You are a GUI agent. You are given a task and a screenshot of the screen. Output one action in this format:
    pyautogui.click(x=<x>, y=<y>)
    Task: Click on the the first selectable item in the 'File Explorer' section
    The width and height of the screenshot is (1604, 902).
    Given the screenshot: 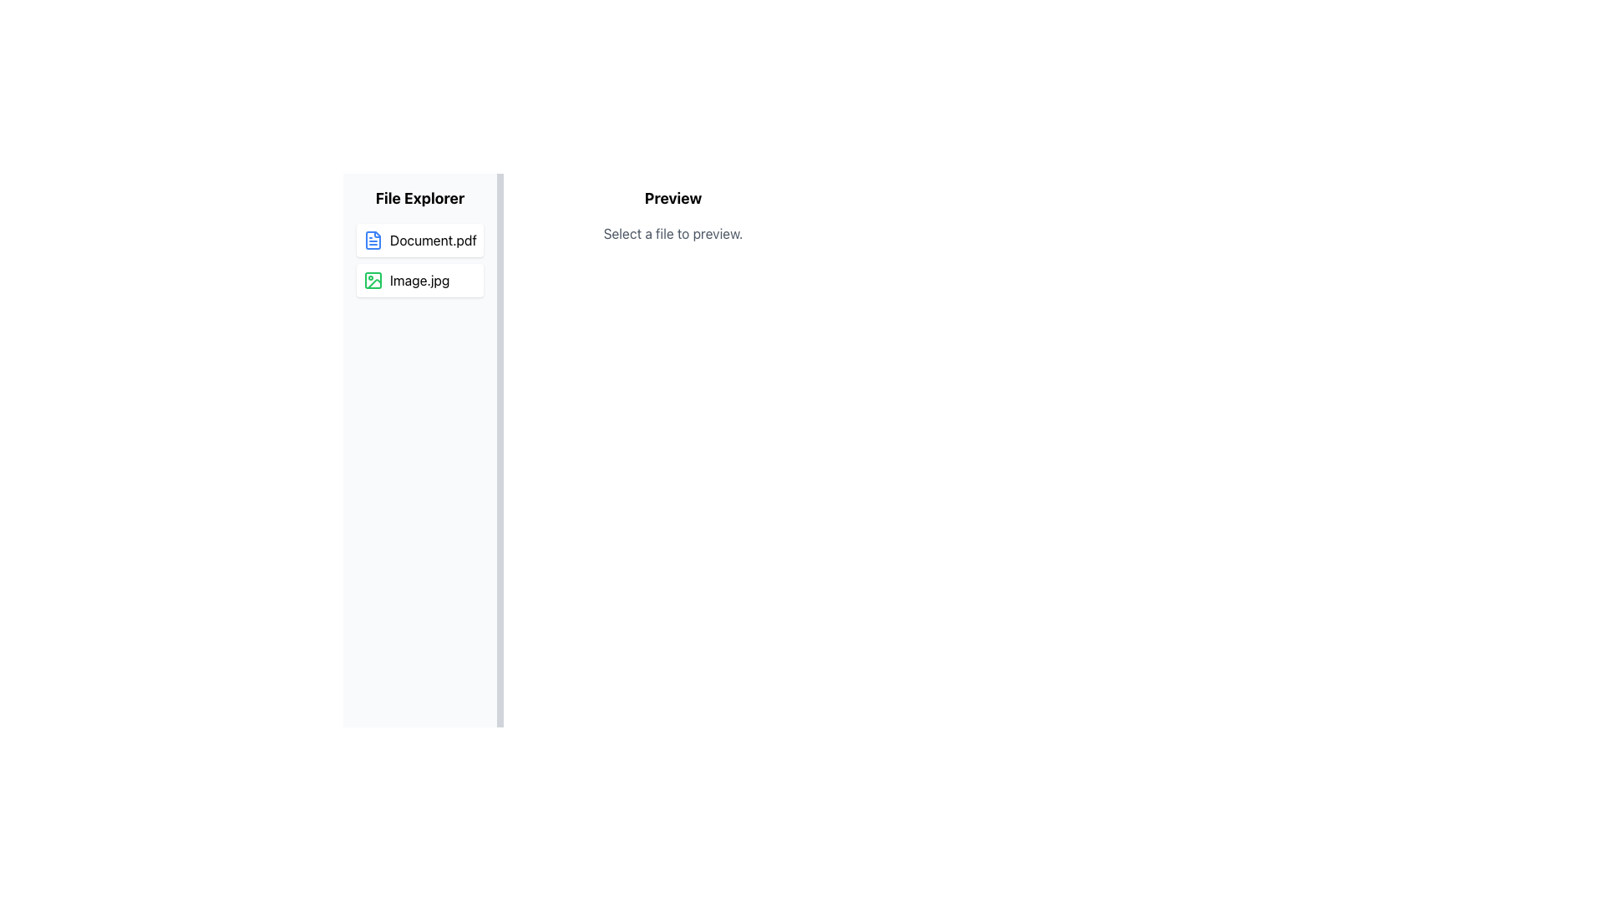 What is the action you would take?
    pyautogui.click(x=420, y=241)
    